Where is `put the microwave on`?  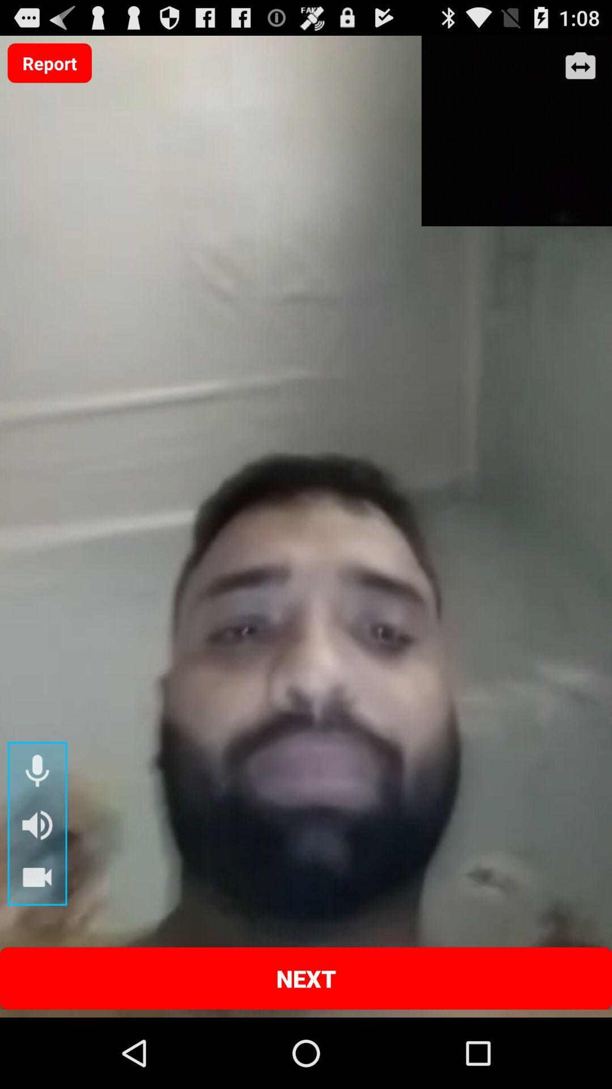
put the microwave on is located at coordinates (36, 771).